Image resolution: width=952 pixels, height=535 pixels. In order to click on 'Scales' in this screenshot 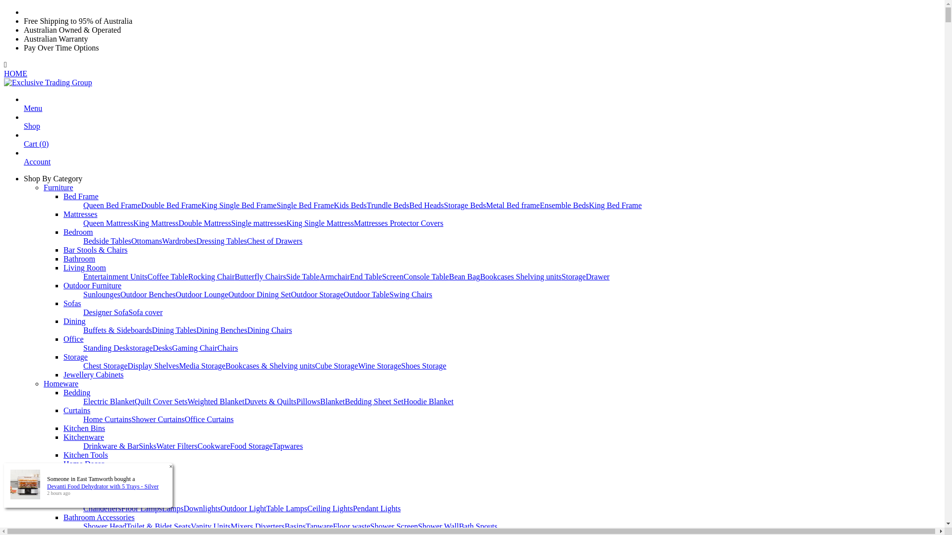, I will do `click(73, 472)`.